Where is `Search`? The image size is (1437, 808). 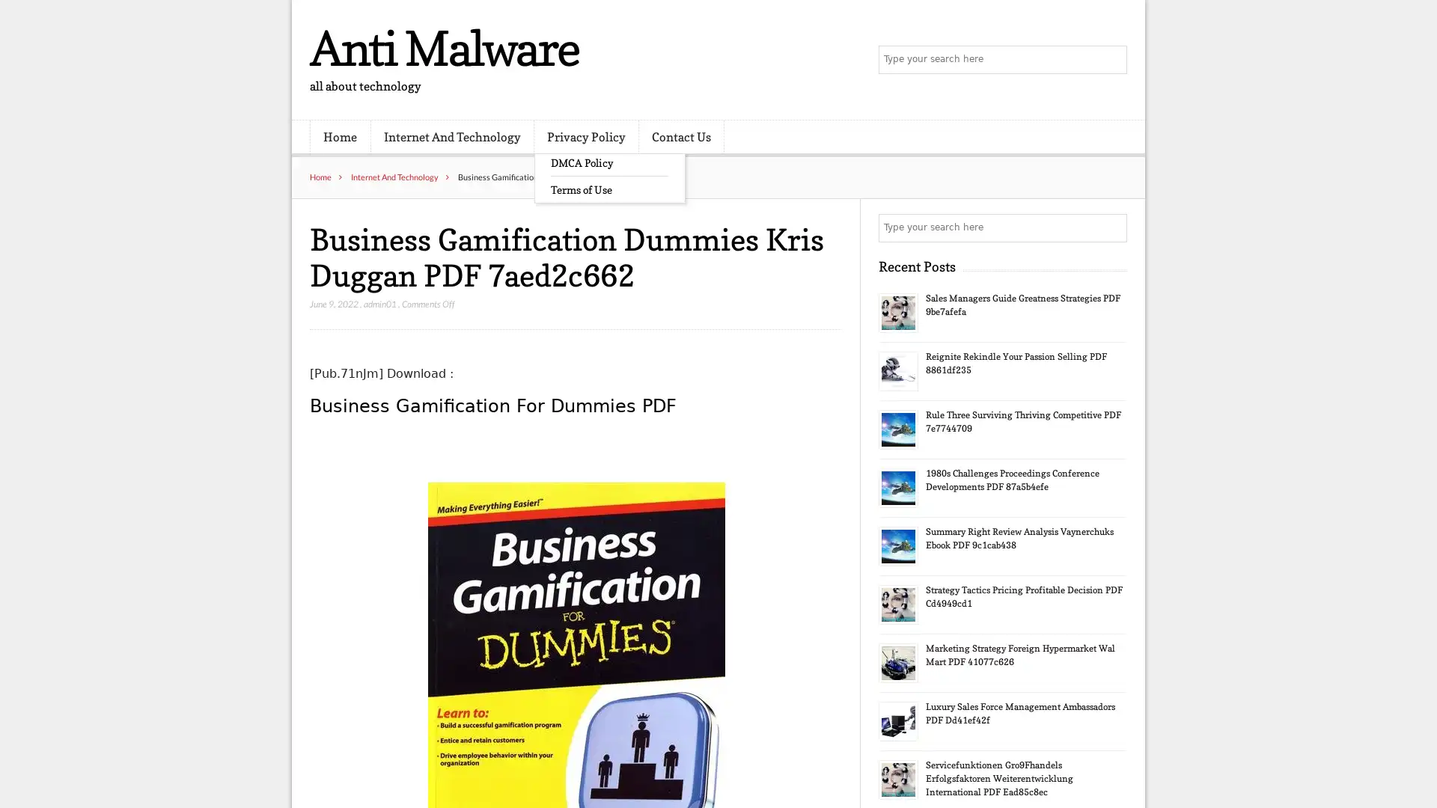 Search is located at coordinates (1111, 227).